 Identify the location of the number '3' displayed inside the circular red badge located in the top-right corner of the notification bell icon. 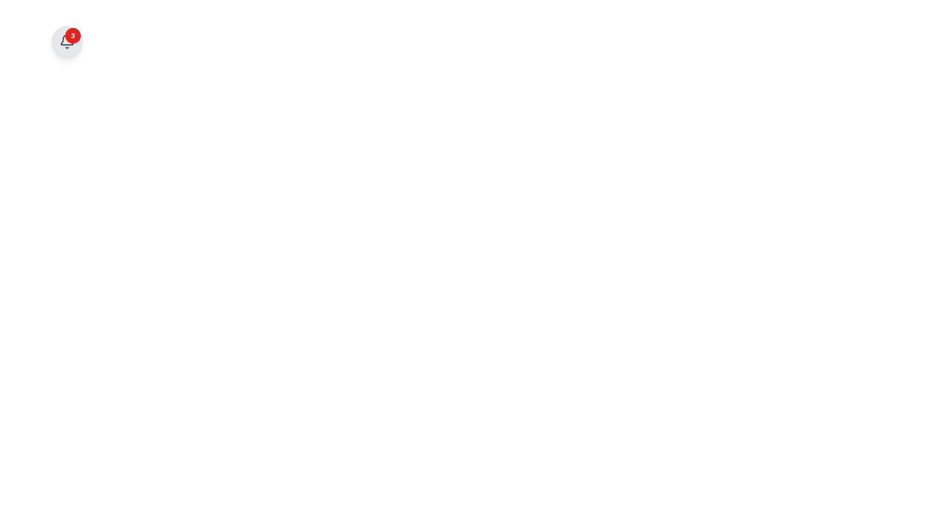
(72, 35).